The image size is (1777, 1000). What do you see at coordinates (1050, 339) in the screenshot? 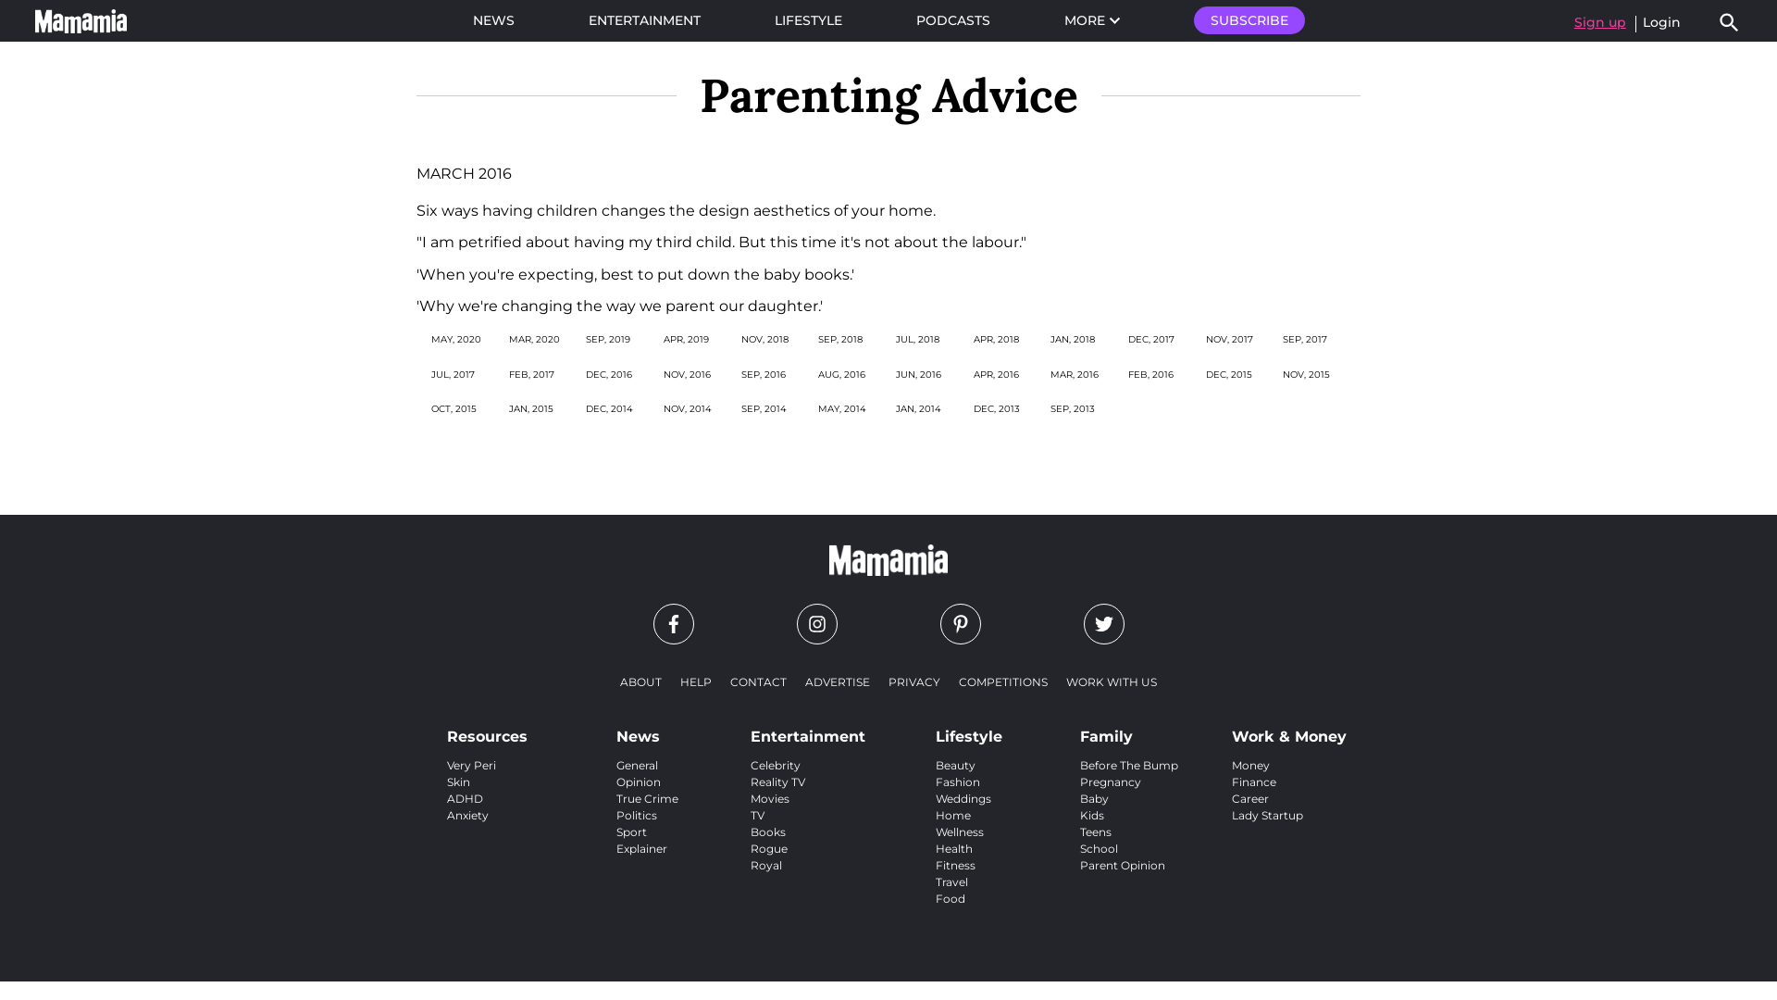
I see `'JAN, 2018'` at bounding box center [1050, 339].